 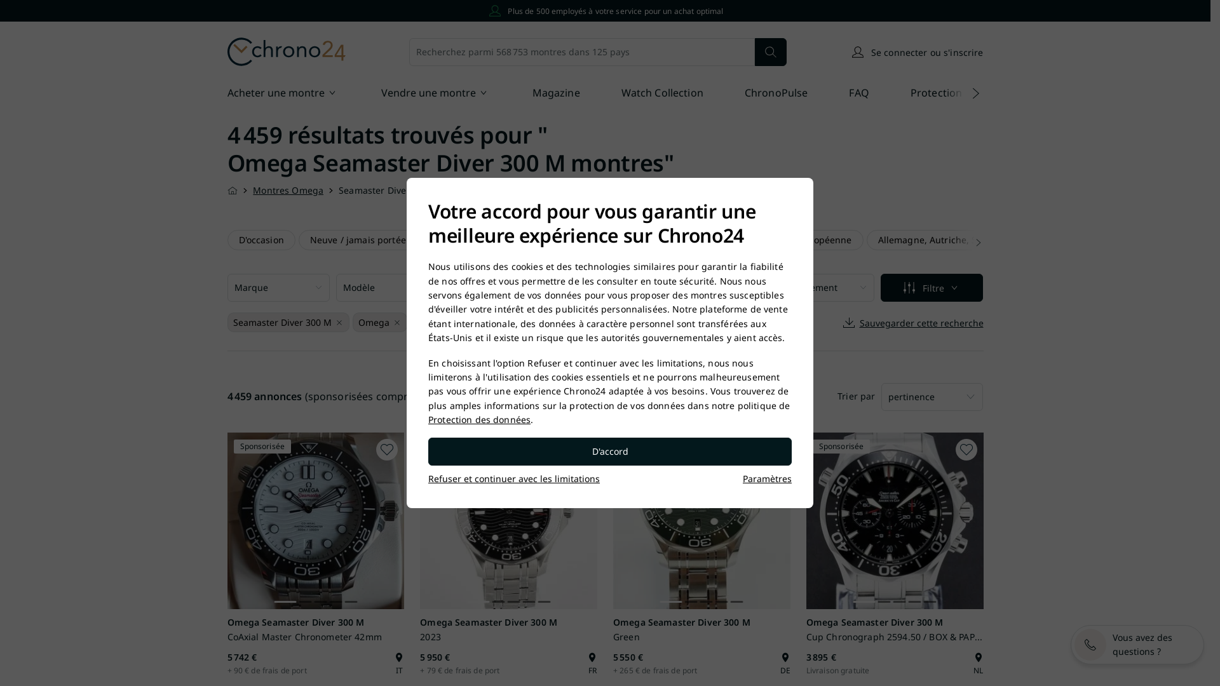 I want to click on 'Emplacement', so click(x=823, y=287).